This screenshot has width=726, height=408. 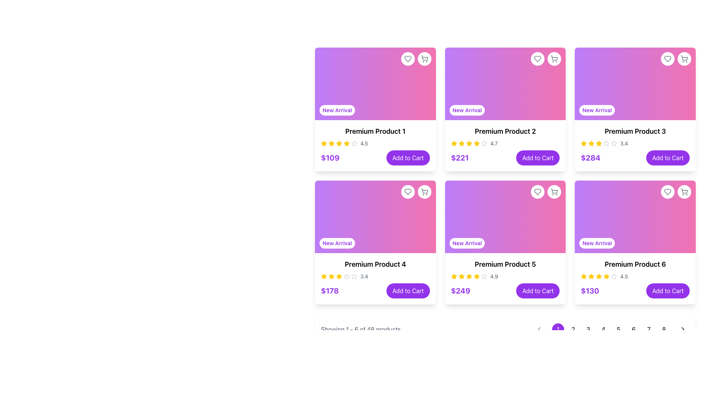 What do you see at coordinates (537, 192) in the screenshot?
I see `the heart-shaped icon with a gray outline located at the top-right corner of the 'Premium Product 5' card to favorite or like the product` at bounding box center [537, 192].